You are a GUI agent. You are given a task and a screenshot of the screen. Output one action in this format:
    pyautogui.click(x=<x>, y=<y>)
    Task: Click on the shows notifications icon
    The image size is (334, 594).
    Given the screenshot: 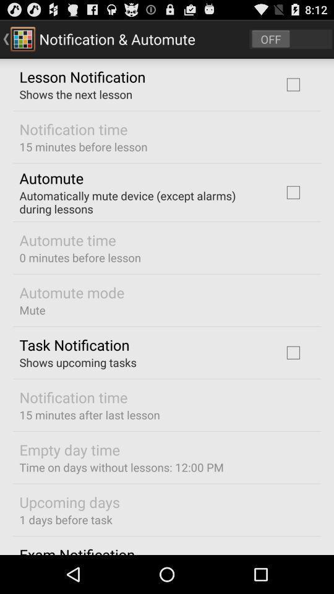 What is the action you would take?
    pyautogui.click(x=291, y=38)
    